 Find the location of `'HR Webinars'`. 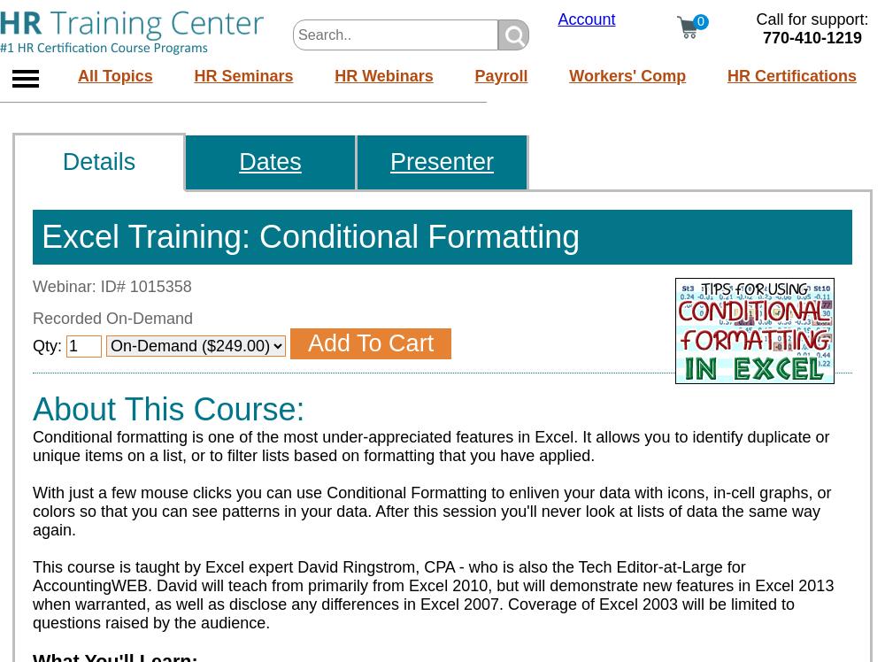

'HR Webinars' is located at coordinates (383, 73).